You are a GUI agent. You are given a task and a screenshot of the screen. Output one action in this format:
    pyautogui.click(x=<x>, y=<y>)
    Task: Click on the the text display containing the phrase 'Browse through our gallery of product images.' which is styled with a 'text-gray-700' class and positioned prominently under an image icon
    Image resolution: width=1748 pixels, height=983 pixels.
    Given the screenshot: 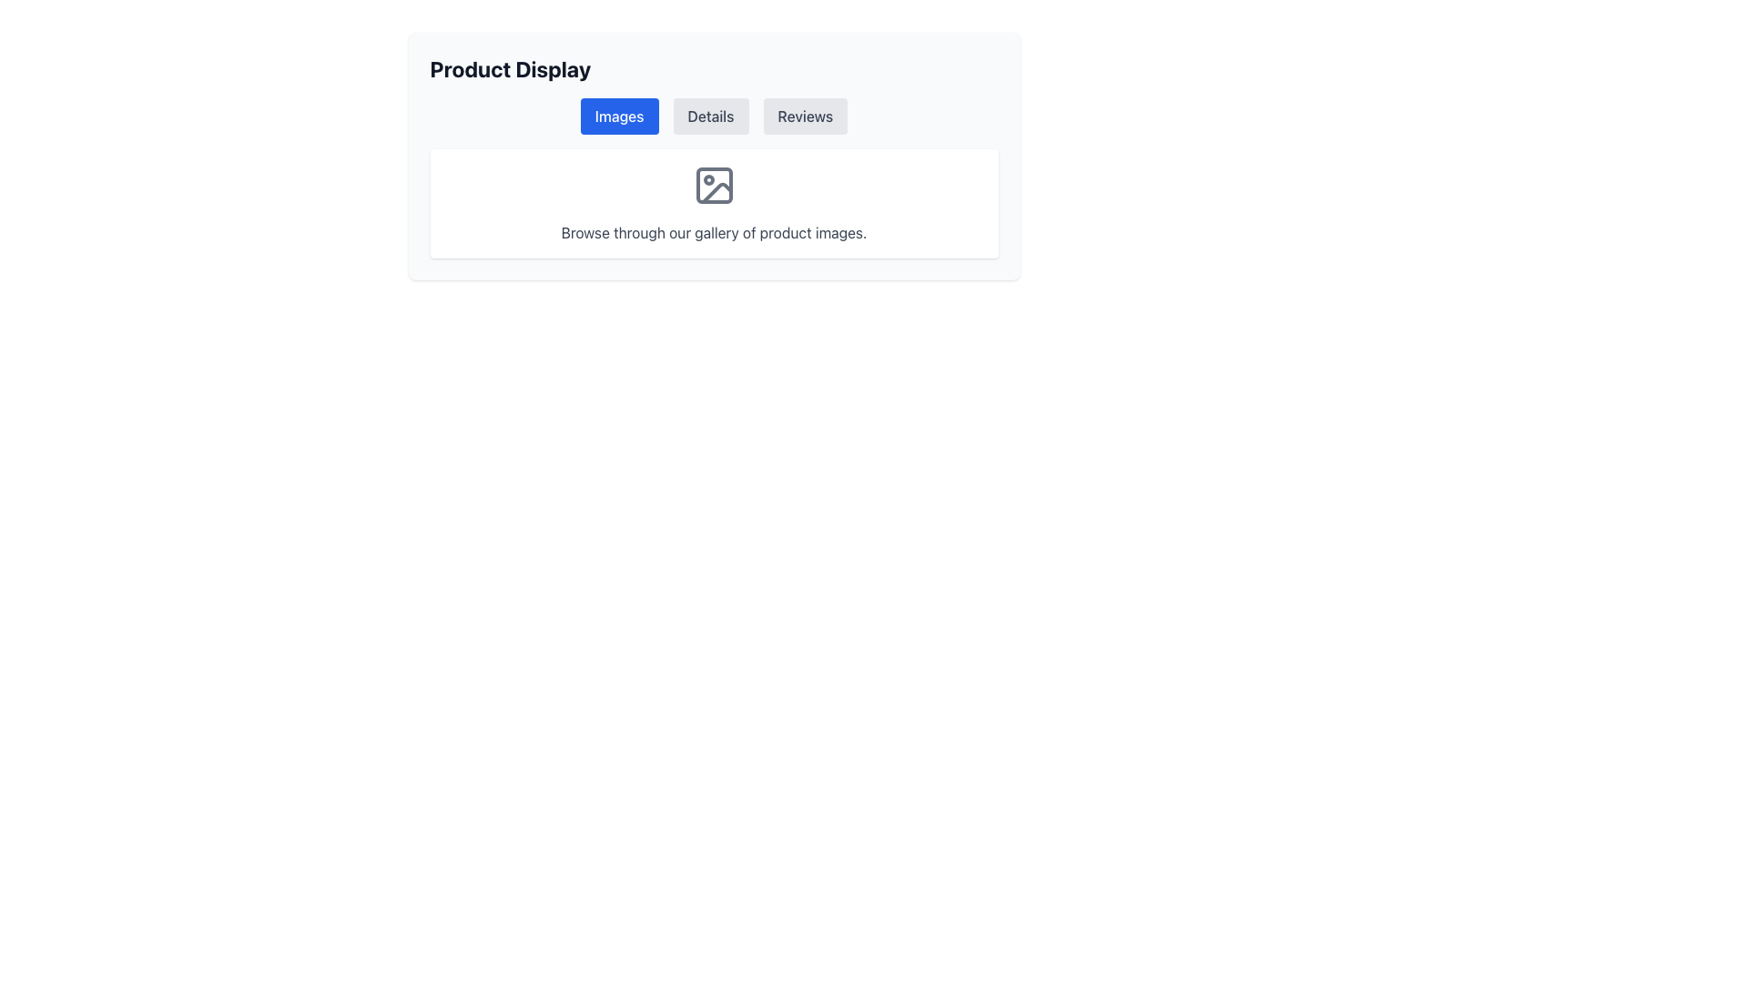 What is the action you would take?
    pyautogui.click(x=713, y=231)
    